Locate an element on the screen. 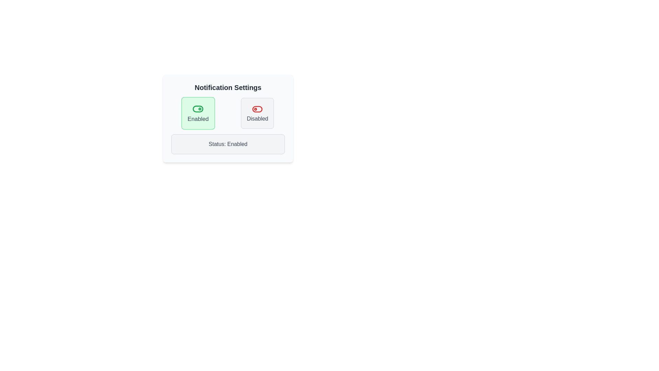  the disabled toggle switch icon with red styling located in the right section of the 'Disabled' card under 'Notification Settings' is located at coordinates (257, 109).